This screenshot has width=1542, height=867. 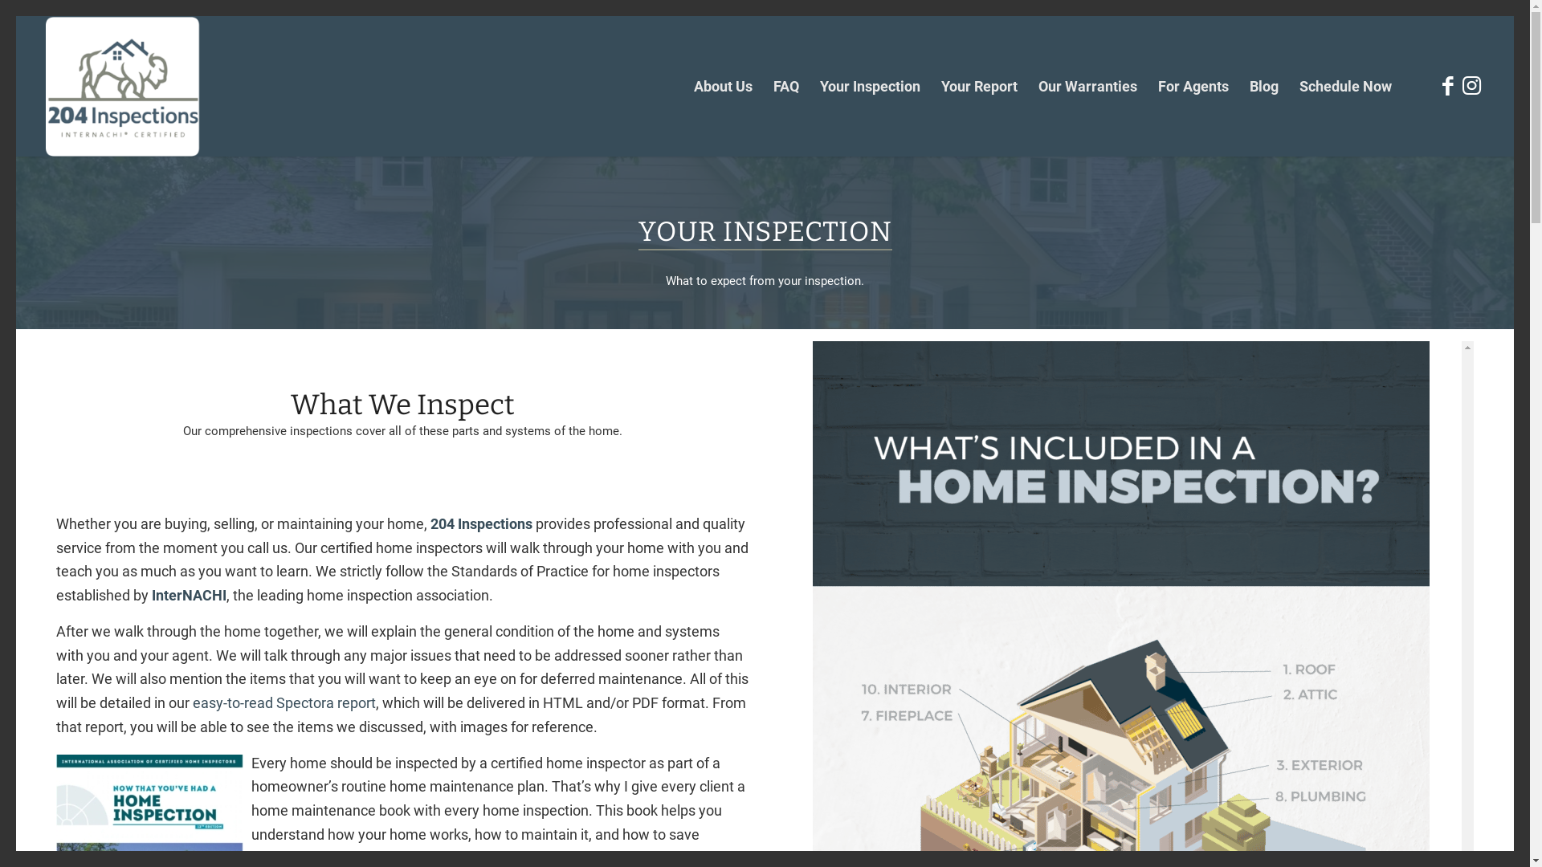 What do you see at coordinates (1263, 86) in the screenshot?
I see `'Blog'` at bounding box center [1263, 86].